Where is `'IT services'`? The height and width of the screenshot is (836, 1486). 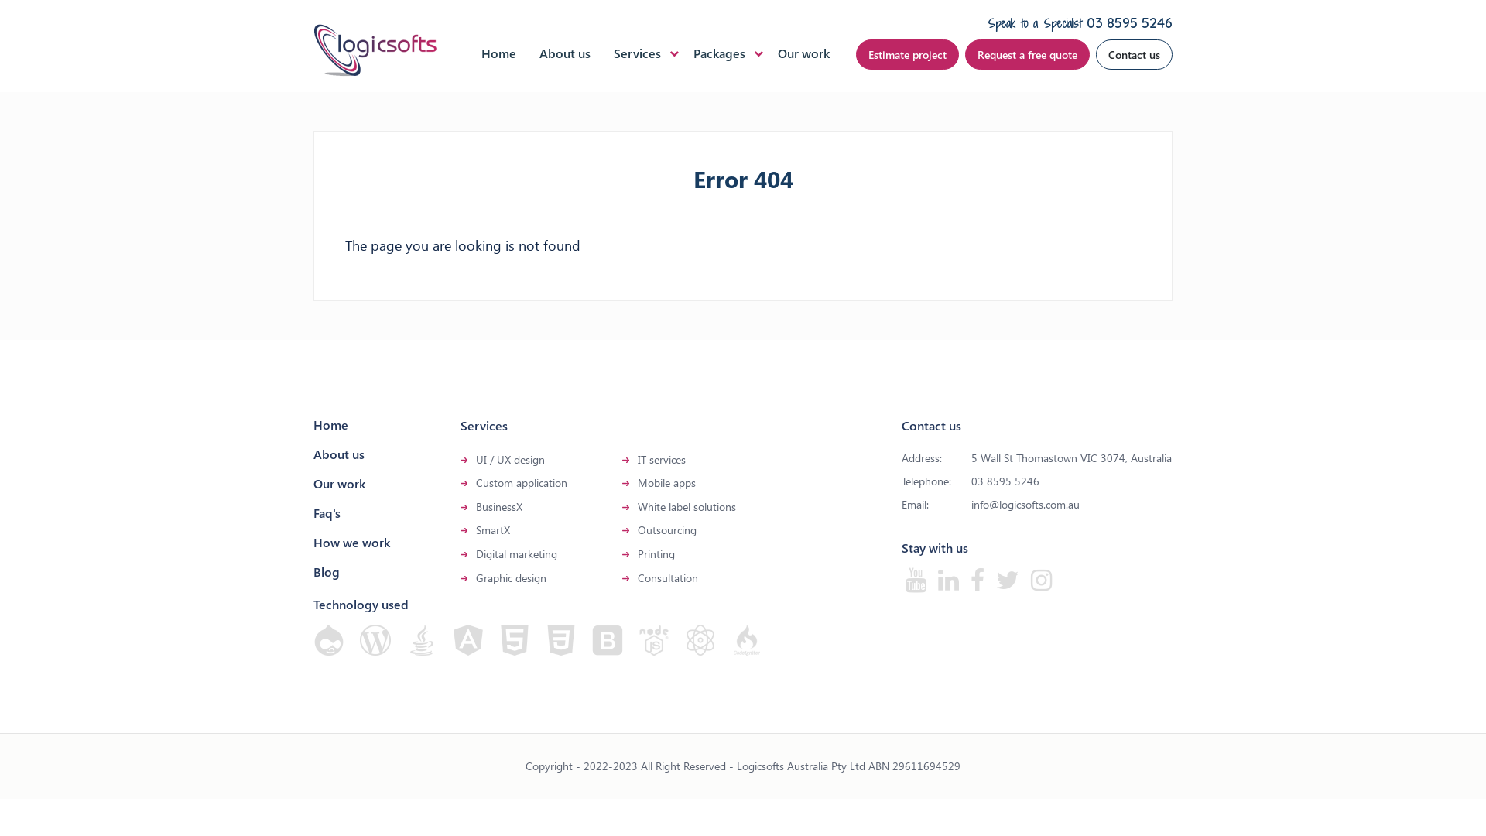
'IT services' is located at coordinates (661, 458).